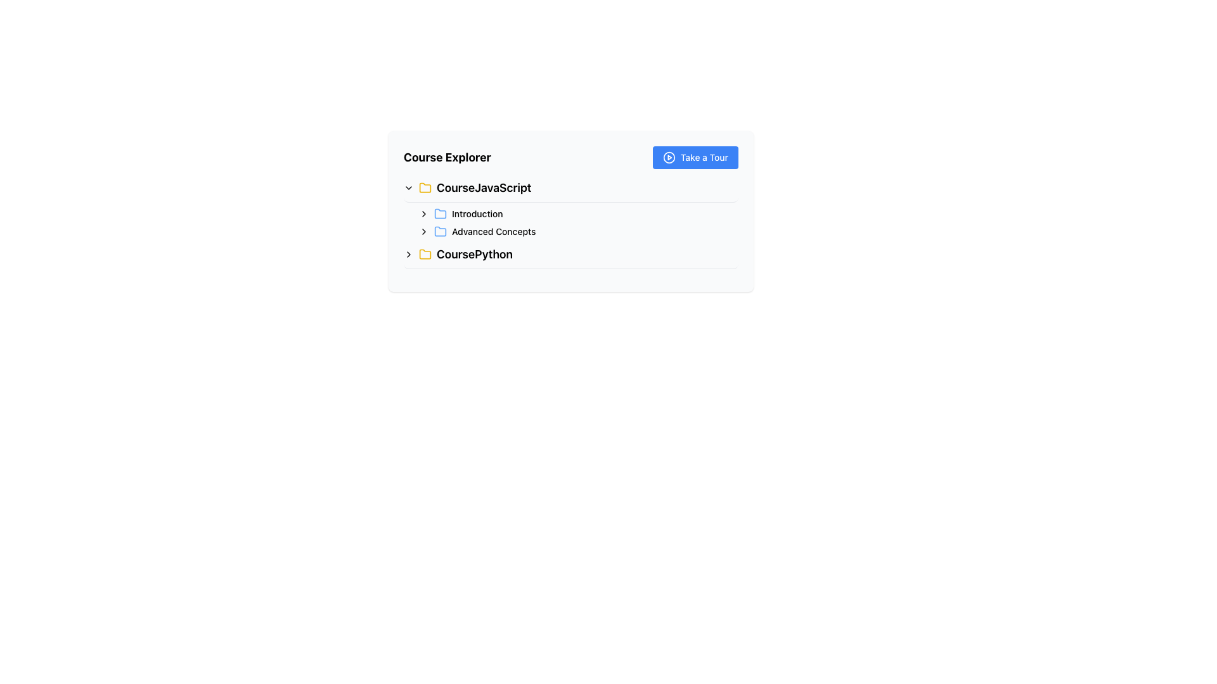 This screenshot has width=1217, height=684. What do you see at coordinates (441, 213) in the screenshot?
I see `the SVG-based folder icon that signifies the 'Introduction' section within the 'CourseJavaScript' hierarchy, located to the left of the 'Introduction' text in the 'Course Explorer' panel` at bounding box center [441, 213].